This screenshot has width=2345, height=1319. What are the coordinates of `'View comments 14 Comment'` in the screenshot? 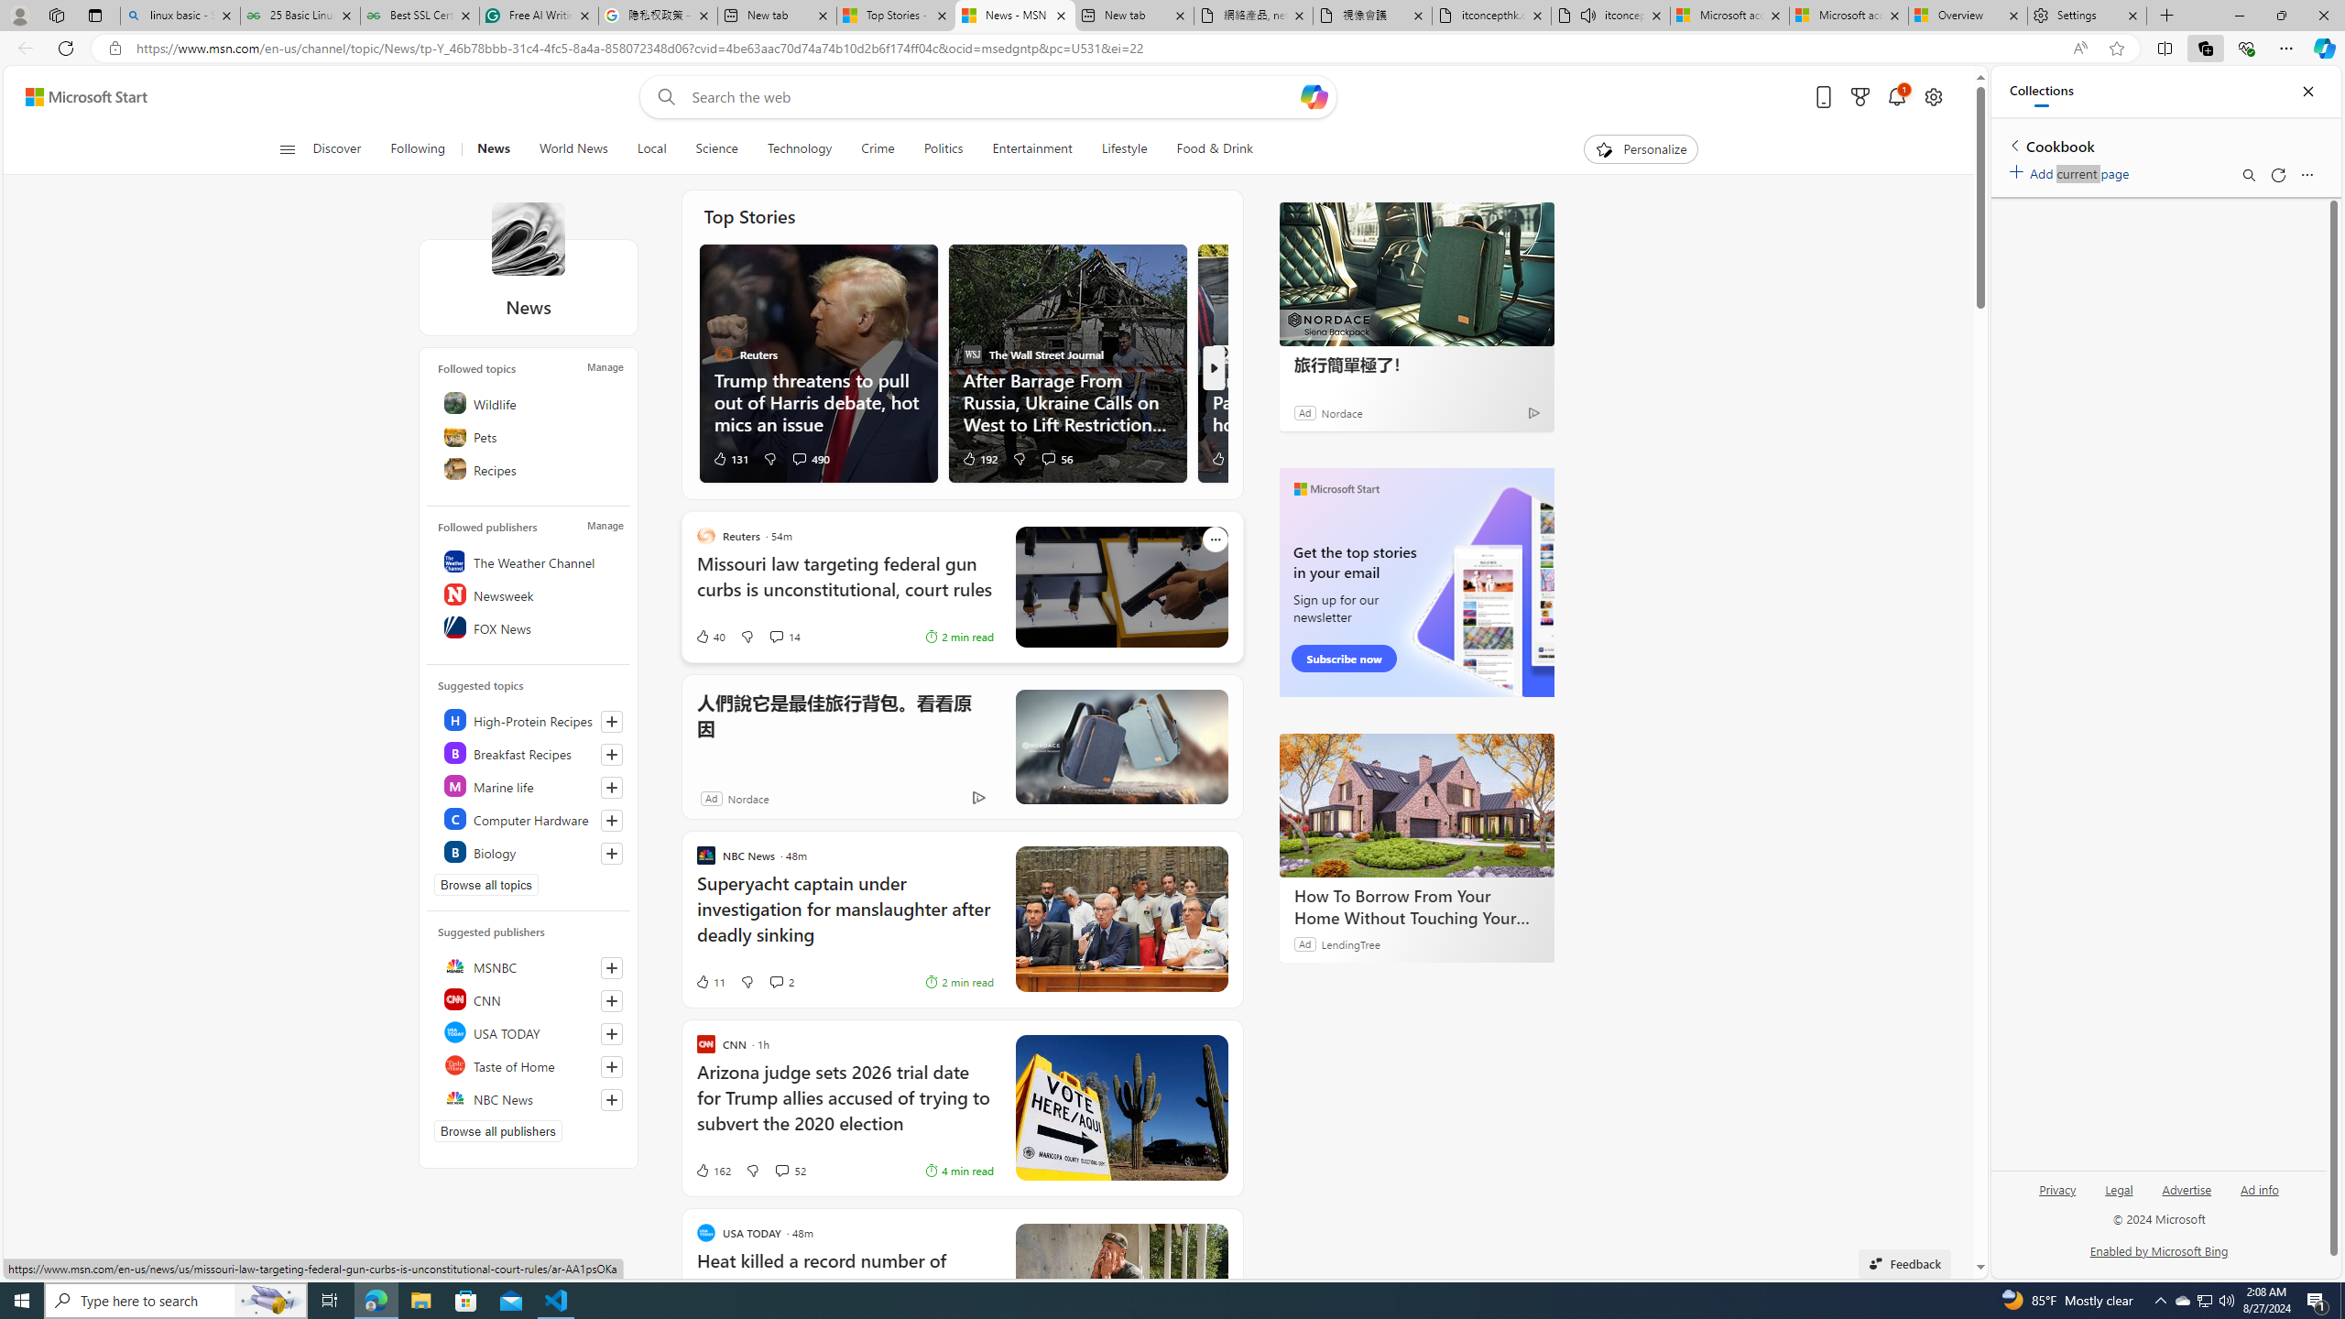 It's located at (776, 635).